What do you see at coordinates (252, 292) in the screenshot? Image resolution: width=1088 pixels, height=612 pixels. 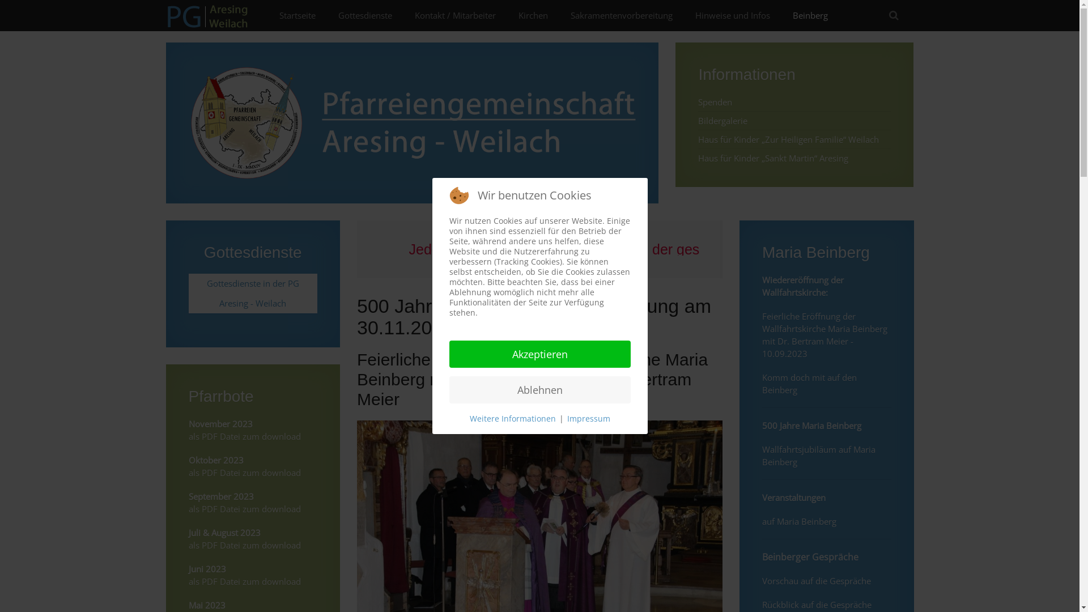 I see `'Gottesdienste in der PG Aresing - Weilach'` at bounding box center [252, 292].